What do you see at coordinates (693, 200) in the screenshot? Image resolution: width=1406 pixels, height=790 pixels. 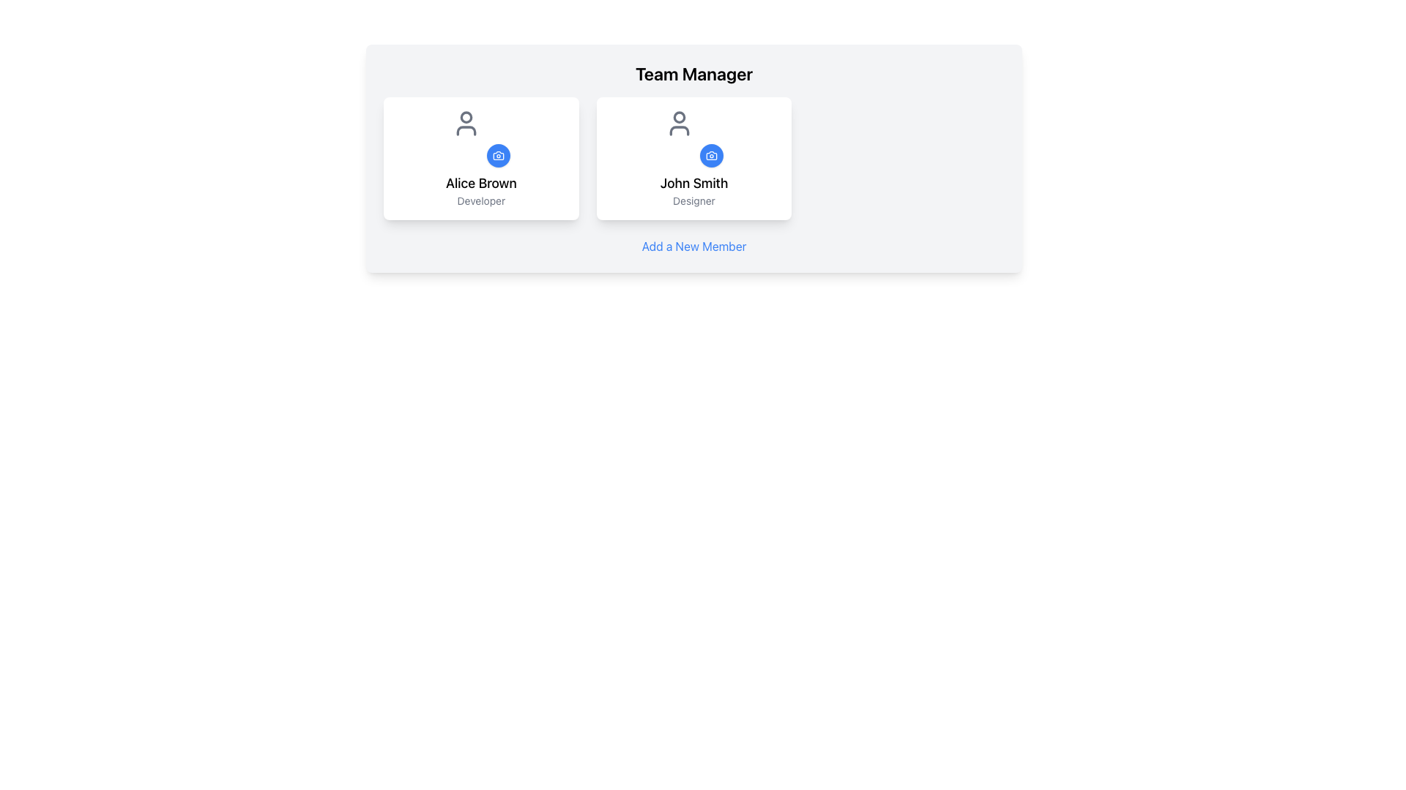 I see `the Text Label located directly below the name 'John Smith' in the user information card, positioned at the center horizontally within the card` at bounding box center [693, 200].